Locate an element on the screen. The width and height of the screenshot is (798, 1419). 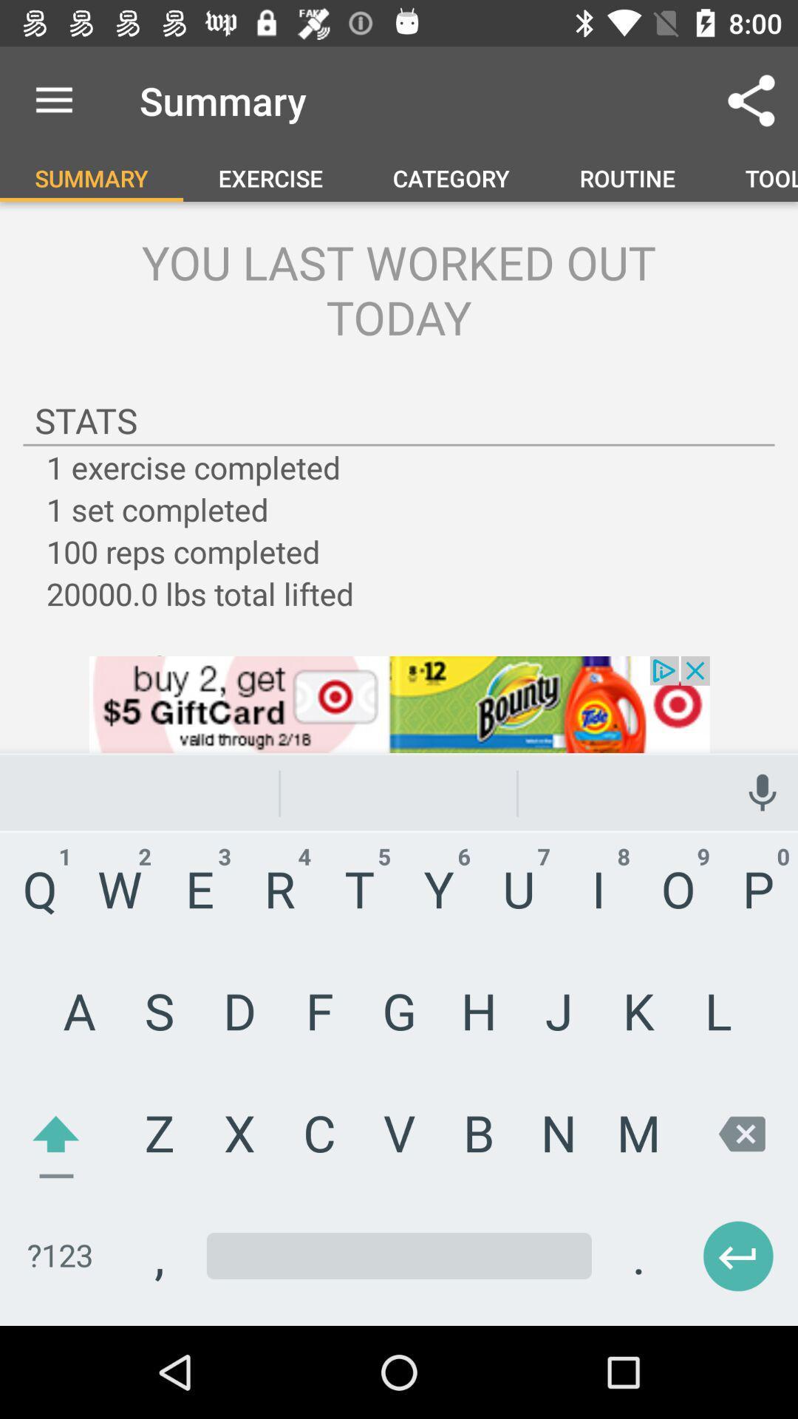
the category option is located at coordinates (450, 177).